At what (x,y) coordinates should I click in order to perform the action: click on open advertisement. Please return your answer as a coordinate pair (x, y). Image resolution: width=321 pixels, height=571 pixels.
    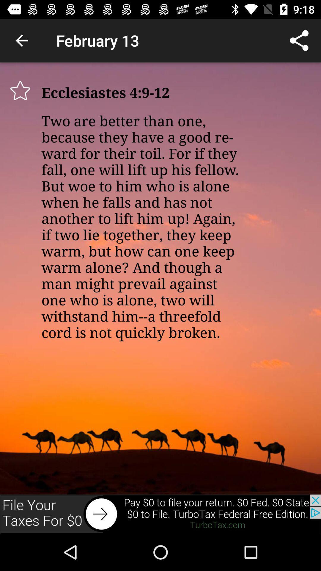
    Looking at the image, I should click on (160, 514).